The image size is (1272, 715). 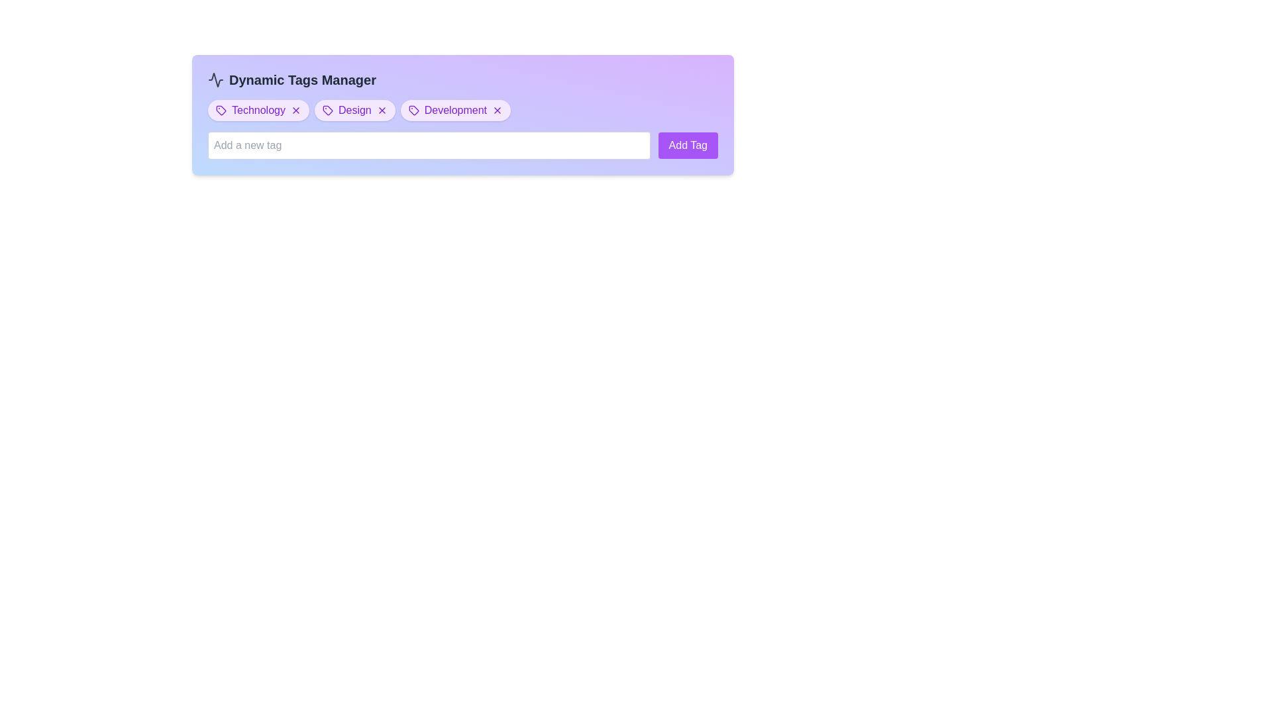 What do you see at coordinates (216, 79) in the screenshot?
I see `the SVG Icon resembling an activity graph or pulse line located on the left side of the top bar of the 'Dynamic Tags Manager' interface` at bounding box center [216, 79].